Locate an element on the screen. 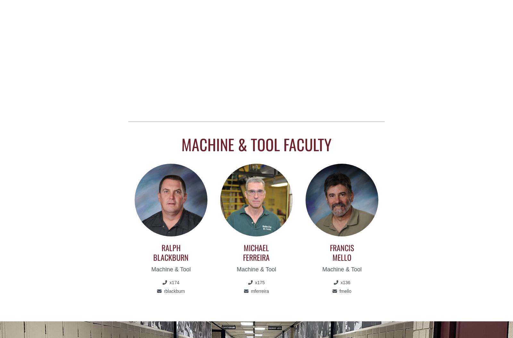 This screenshot has height=338, width=513. 'mferreira' is located at coordinates (259, 291).